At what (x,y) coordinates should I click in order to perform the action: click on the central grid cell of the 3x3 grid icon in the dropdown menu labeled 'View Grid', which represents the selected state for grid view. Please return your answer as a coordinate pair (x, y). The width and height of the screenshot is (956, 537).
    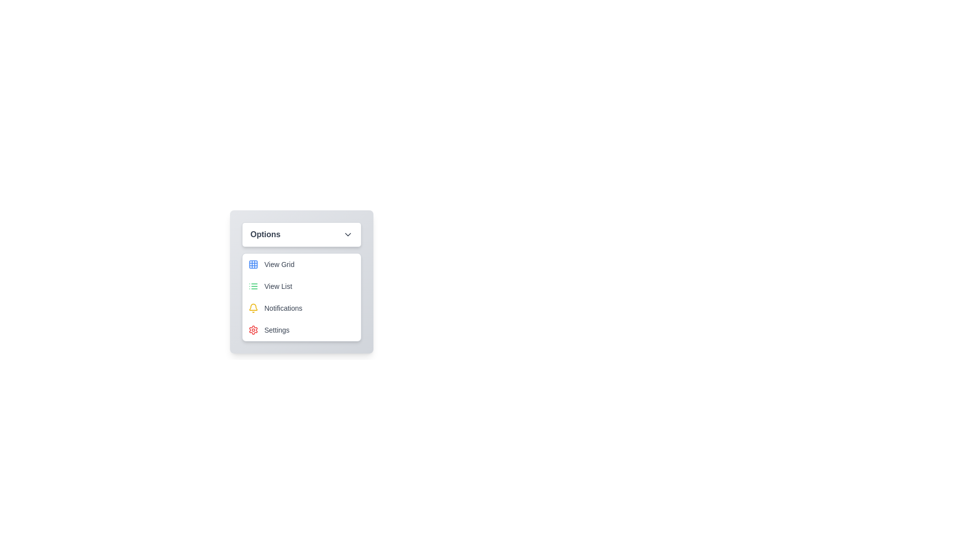
    Looking at the image, I should click on (253, 264).